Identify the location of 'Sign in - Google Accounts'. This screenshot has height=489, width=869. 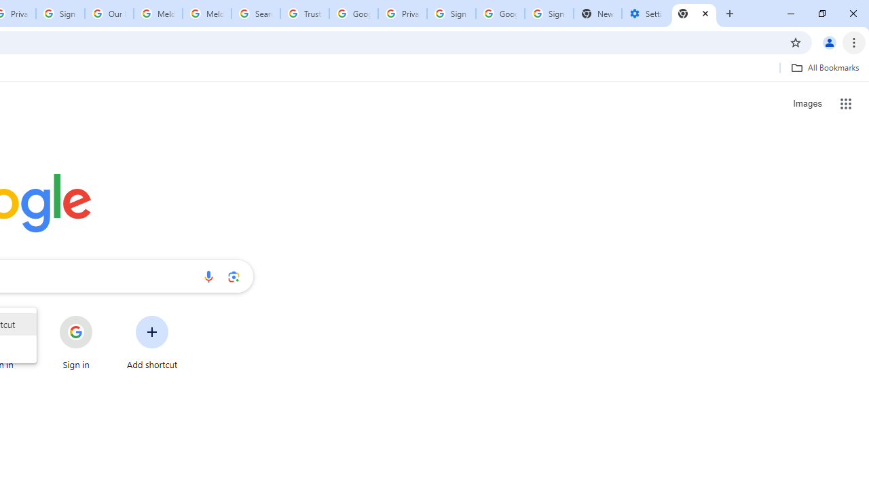
(549, 14).